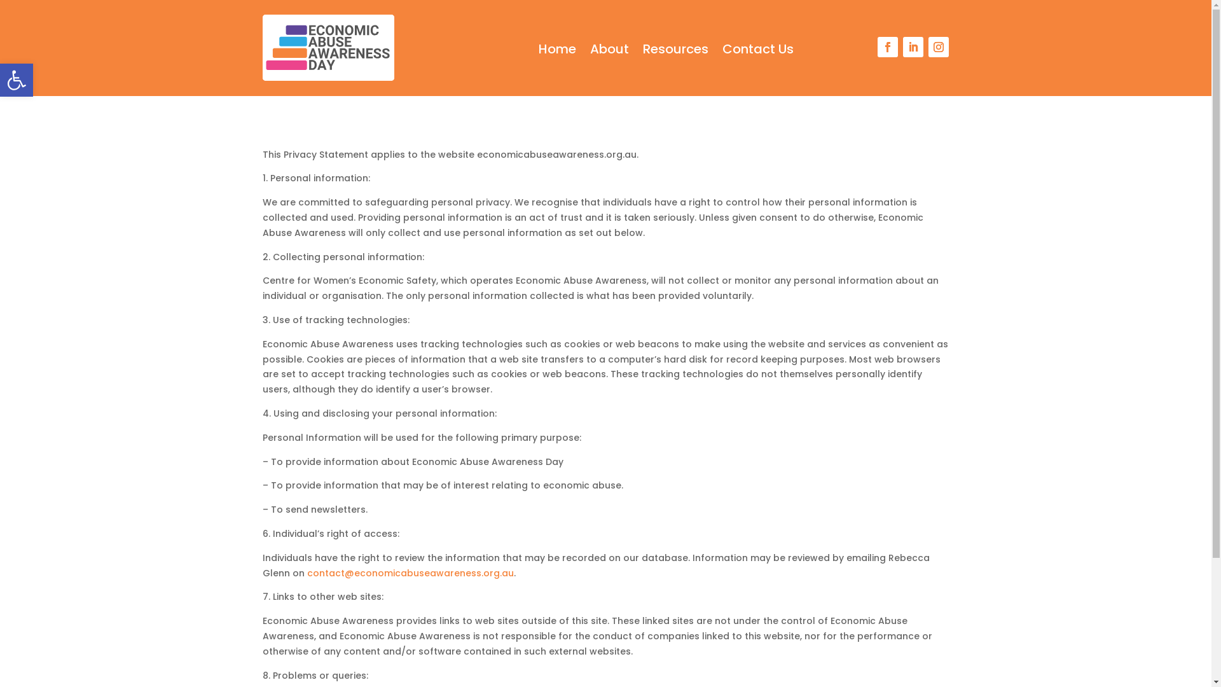 The image size is (1221, 687). Describe the element at coordinates (675, 51) in the screenshot. I see `'Resources'` at that location.